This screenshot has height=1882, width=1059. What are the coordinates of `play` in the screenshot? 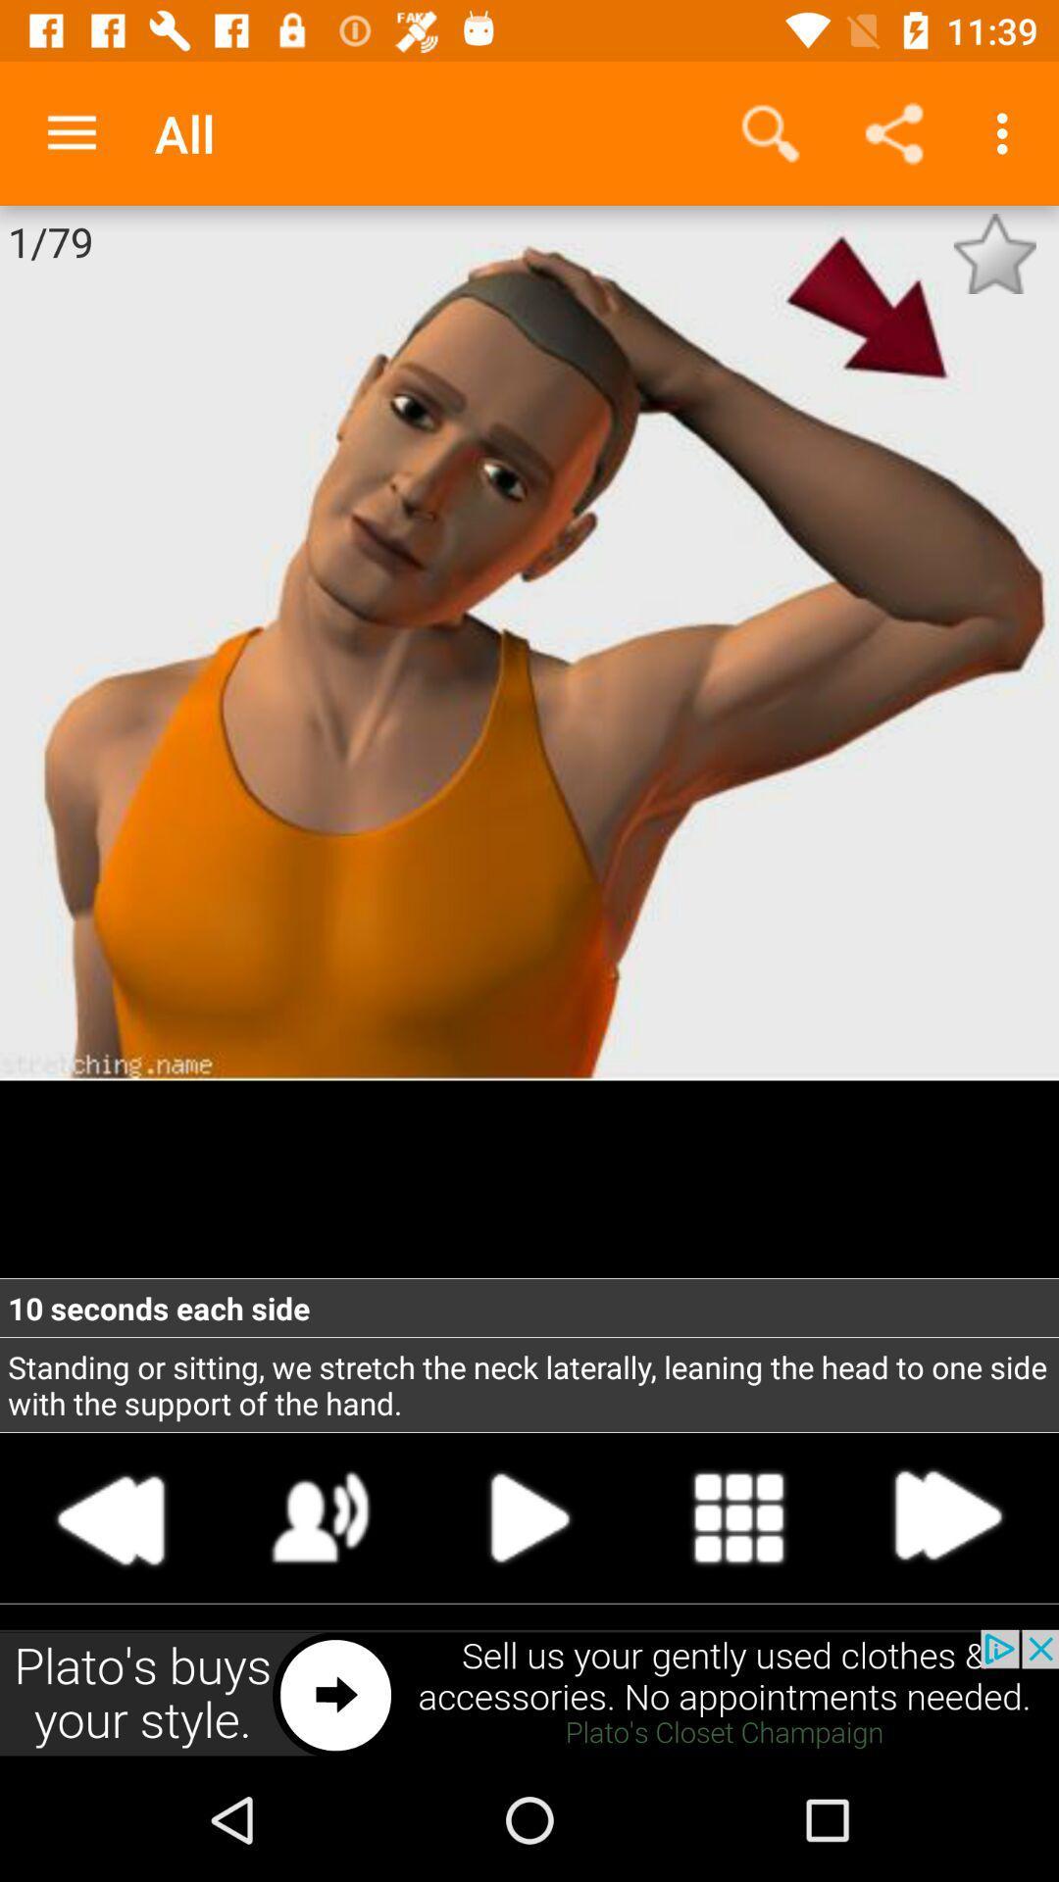 It's located at (320, 1516).